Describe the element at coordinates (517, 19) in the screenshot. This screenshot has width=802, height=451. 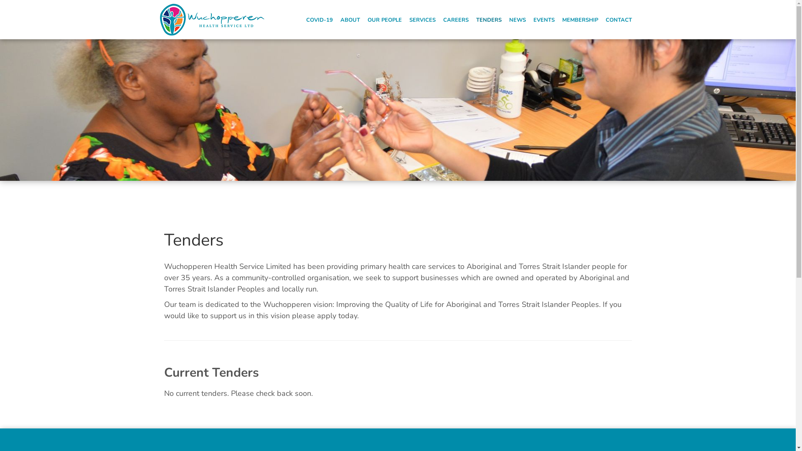
I see `'NEWS'` at that location.